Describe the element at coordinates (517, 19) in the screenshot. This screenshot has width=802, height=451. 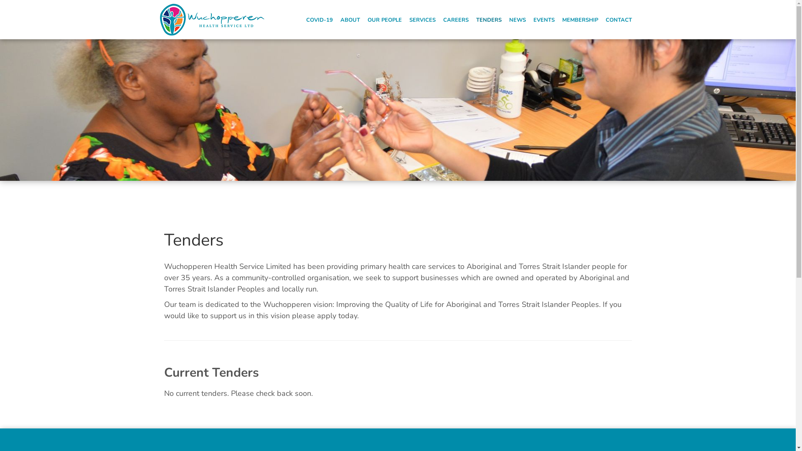
I see `'NEWS'` at that location.